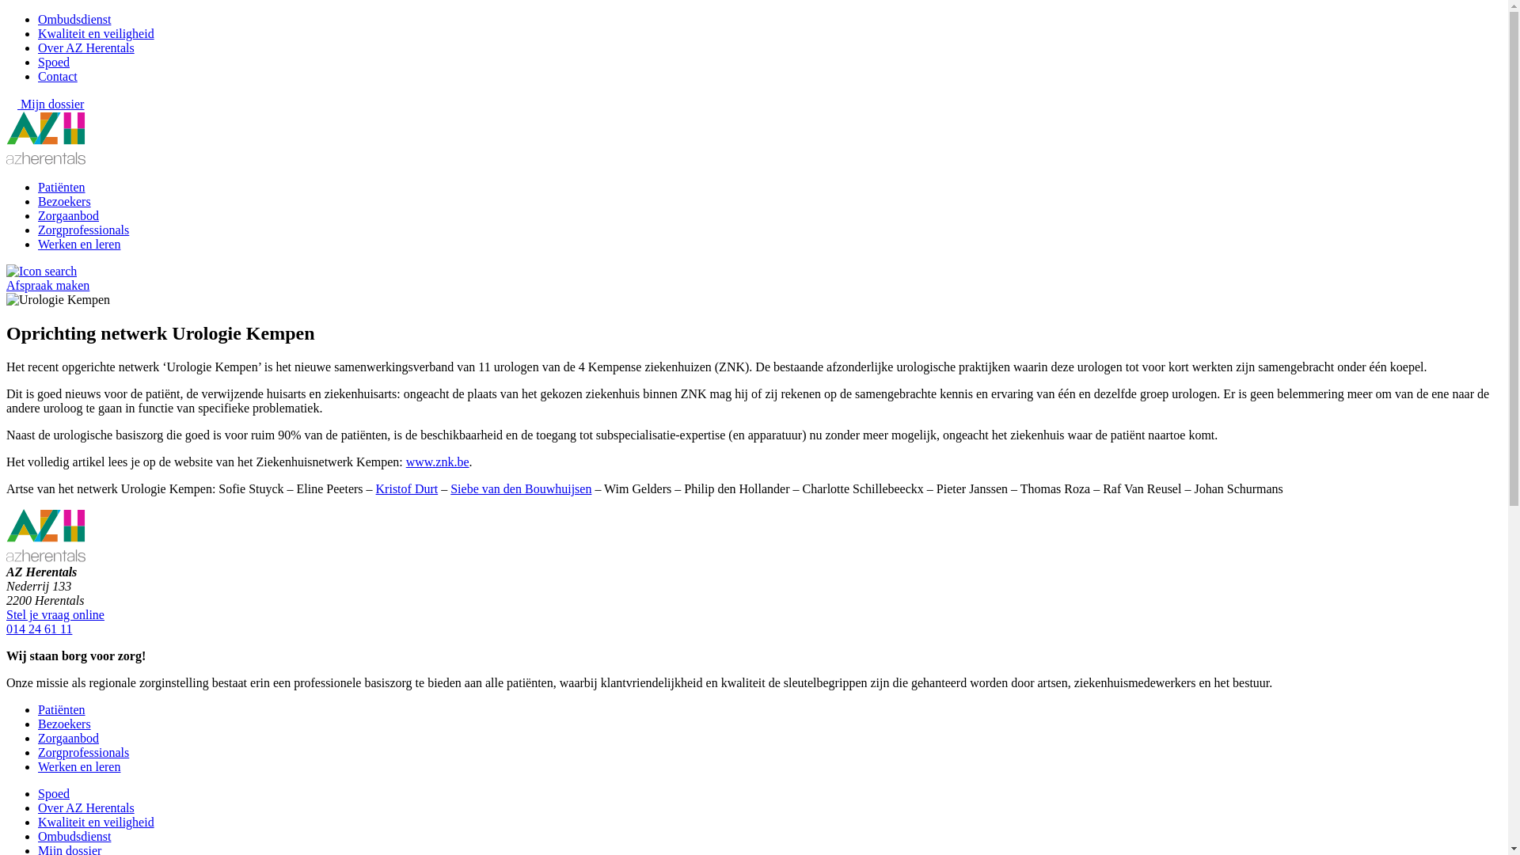 The height and width of the screenshot is (855, 1520). I want to click on 'Over AZ Herentals', so click(85, 807).